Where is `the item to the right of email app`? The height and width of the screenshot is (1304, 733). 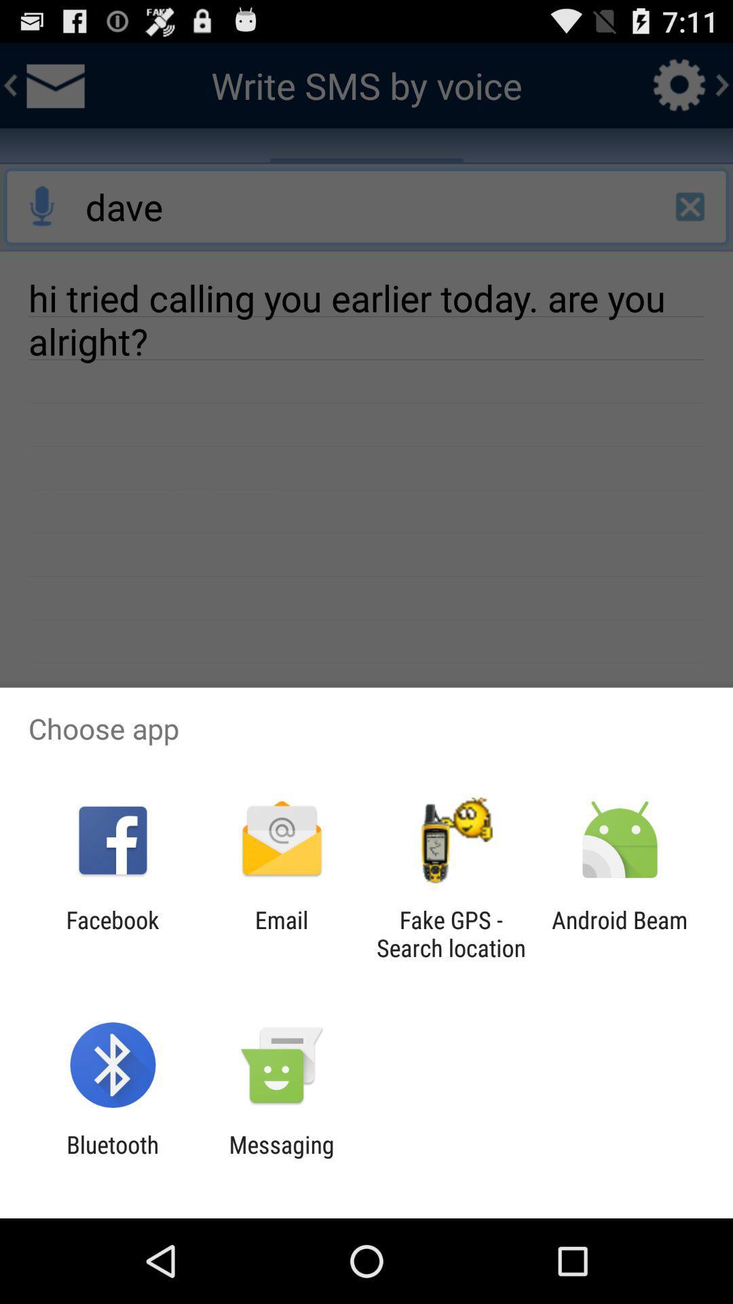
the item to the right of email app is located at coordinates (451, 933).